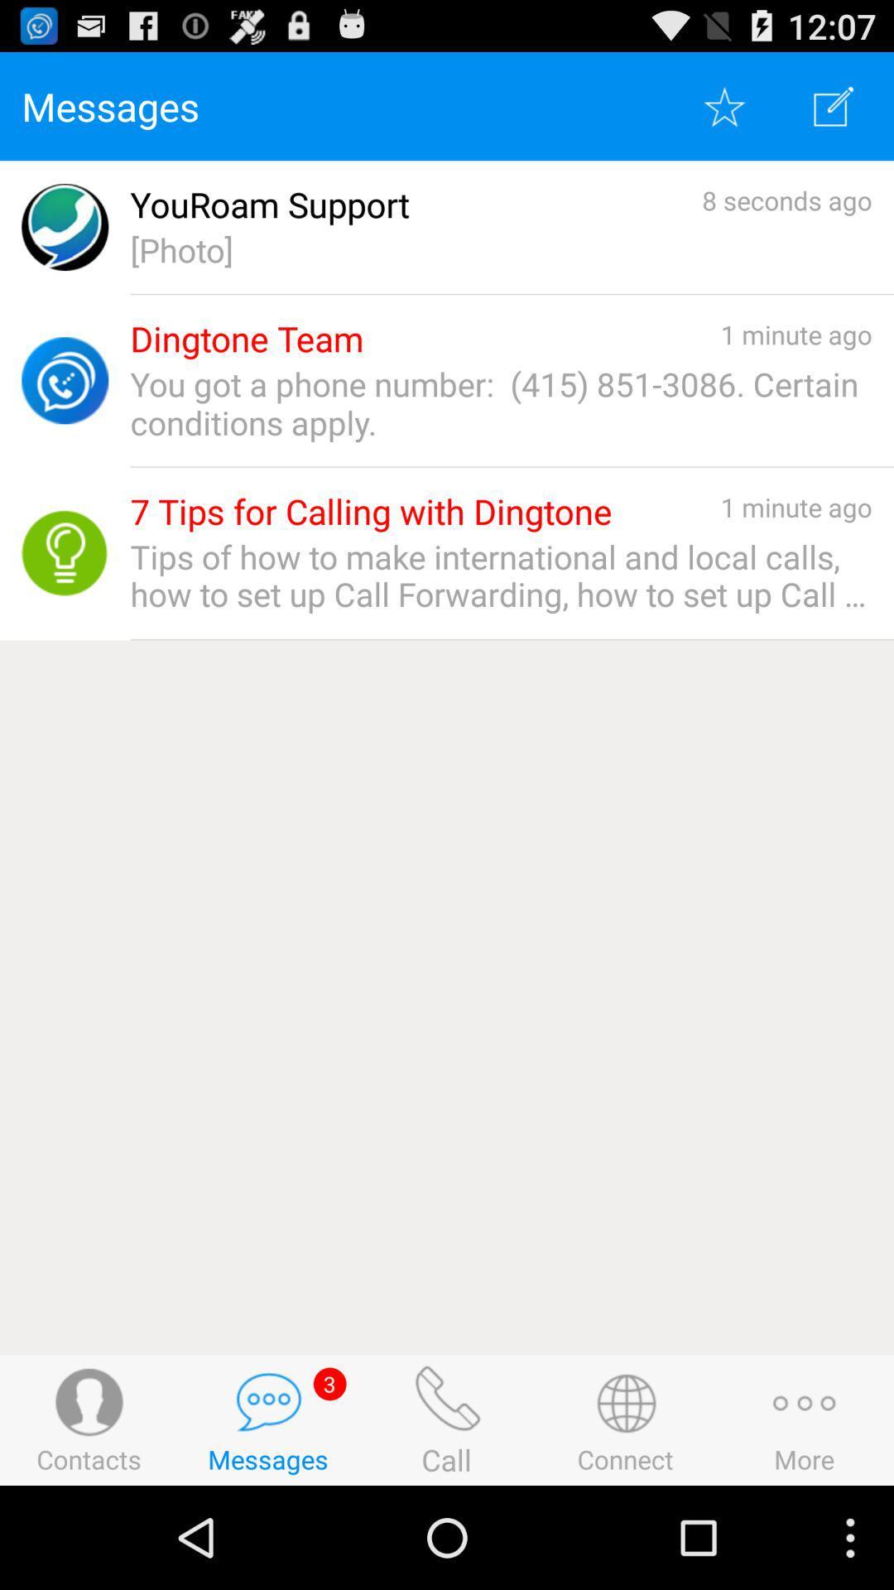 The width and height of the screenshot is (894, 1590). What do you see at coordinates (786, 199) in the screenshot?
I see `the 8 seconds ago app` at bounding box center [786, 199].